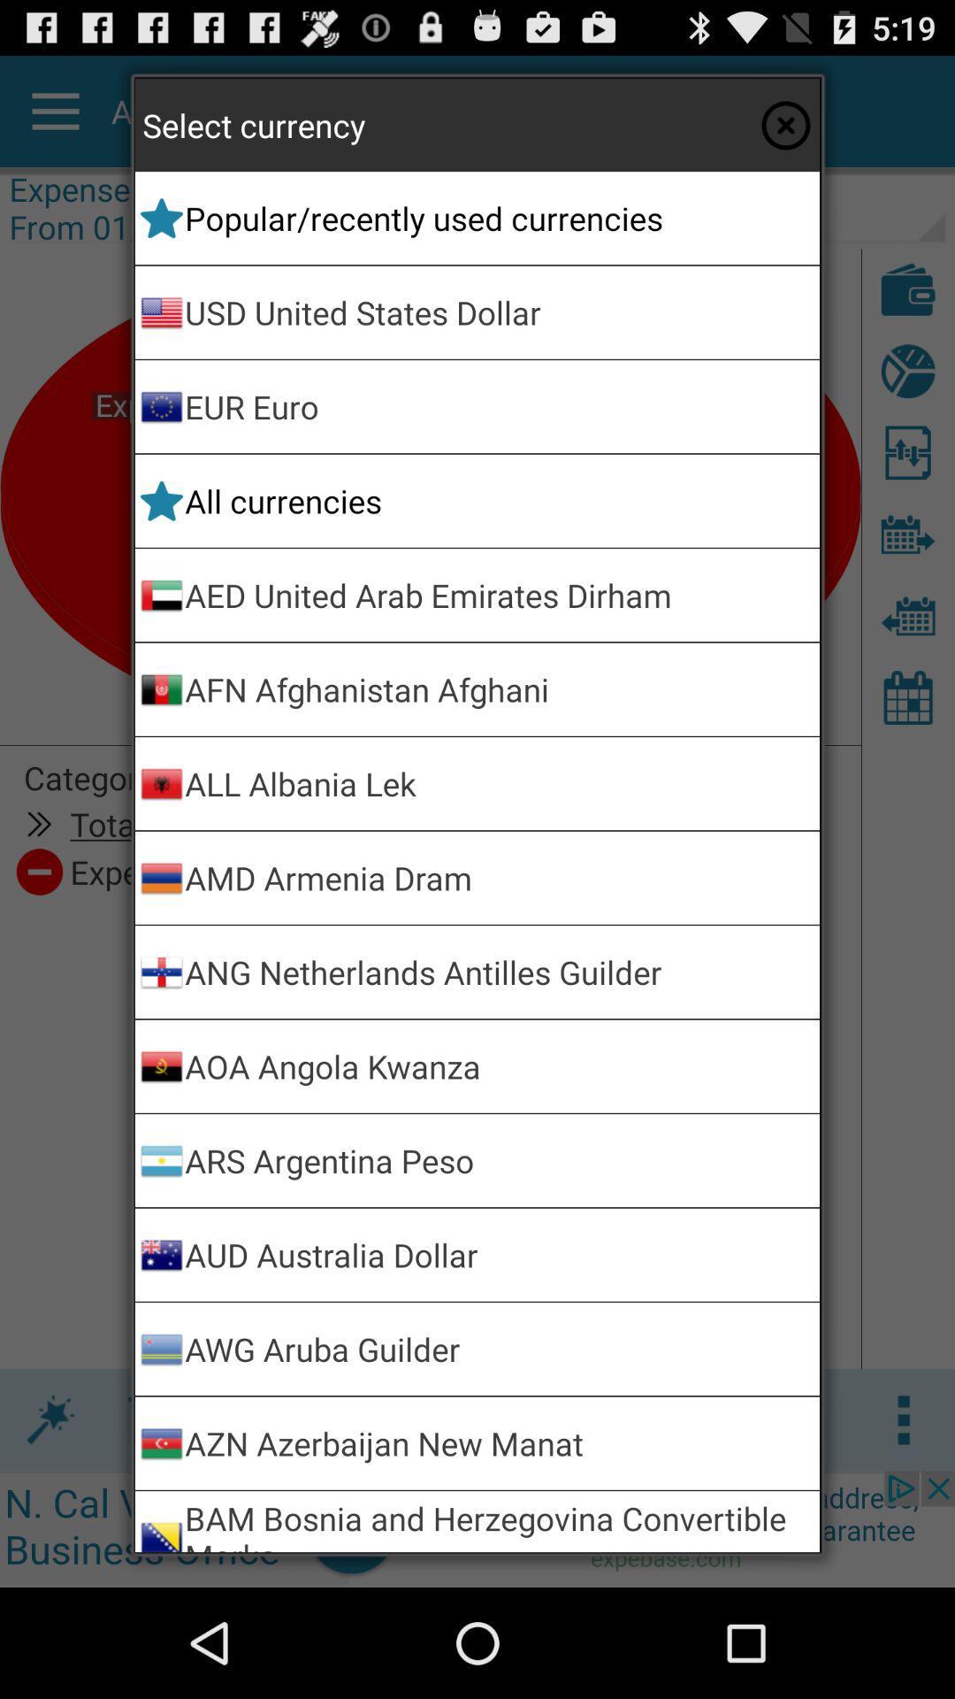 The height and width of the screenshot is (1699, 955). I want to click on the app above the ang netherlands antilles app, so click(499, 878).